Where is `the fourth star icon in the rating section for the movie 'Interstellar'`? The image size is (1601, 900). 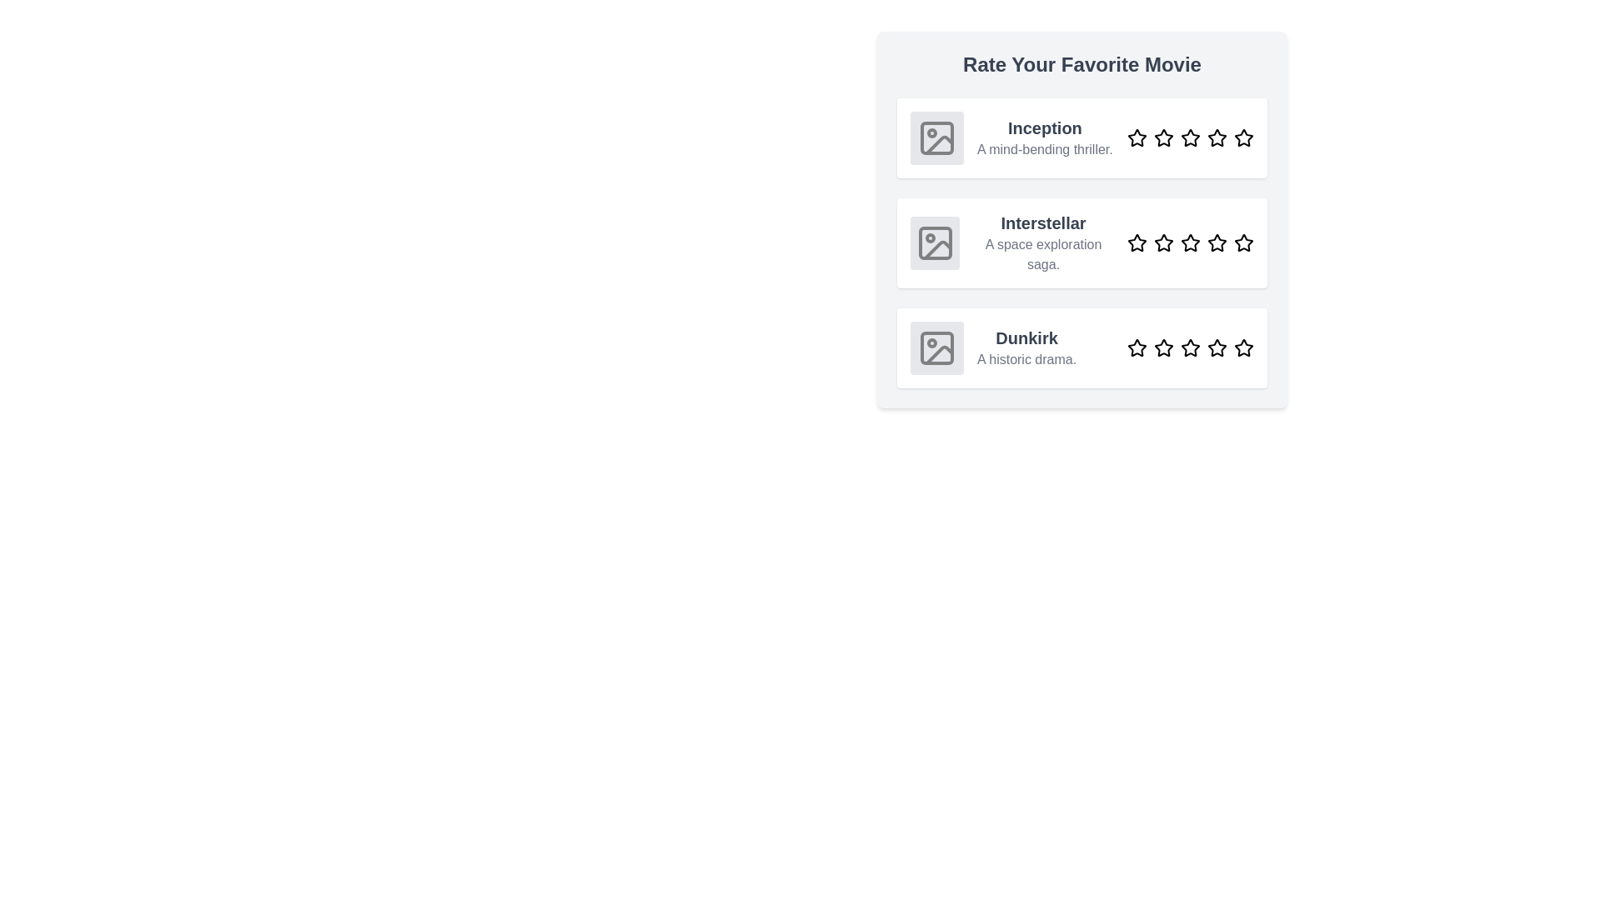
the fourth star icon in the rating section for the movie 'Interstellar' is located at coordinates (1217, 243).